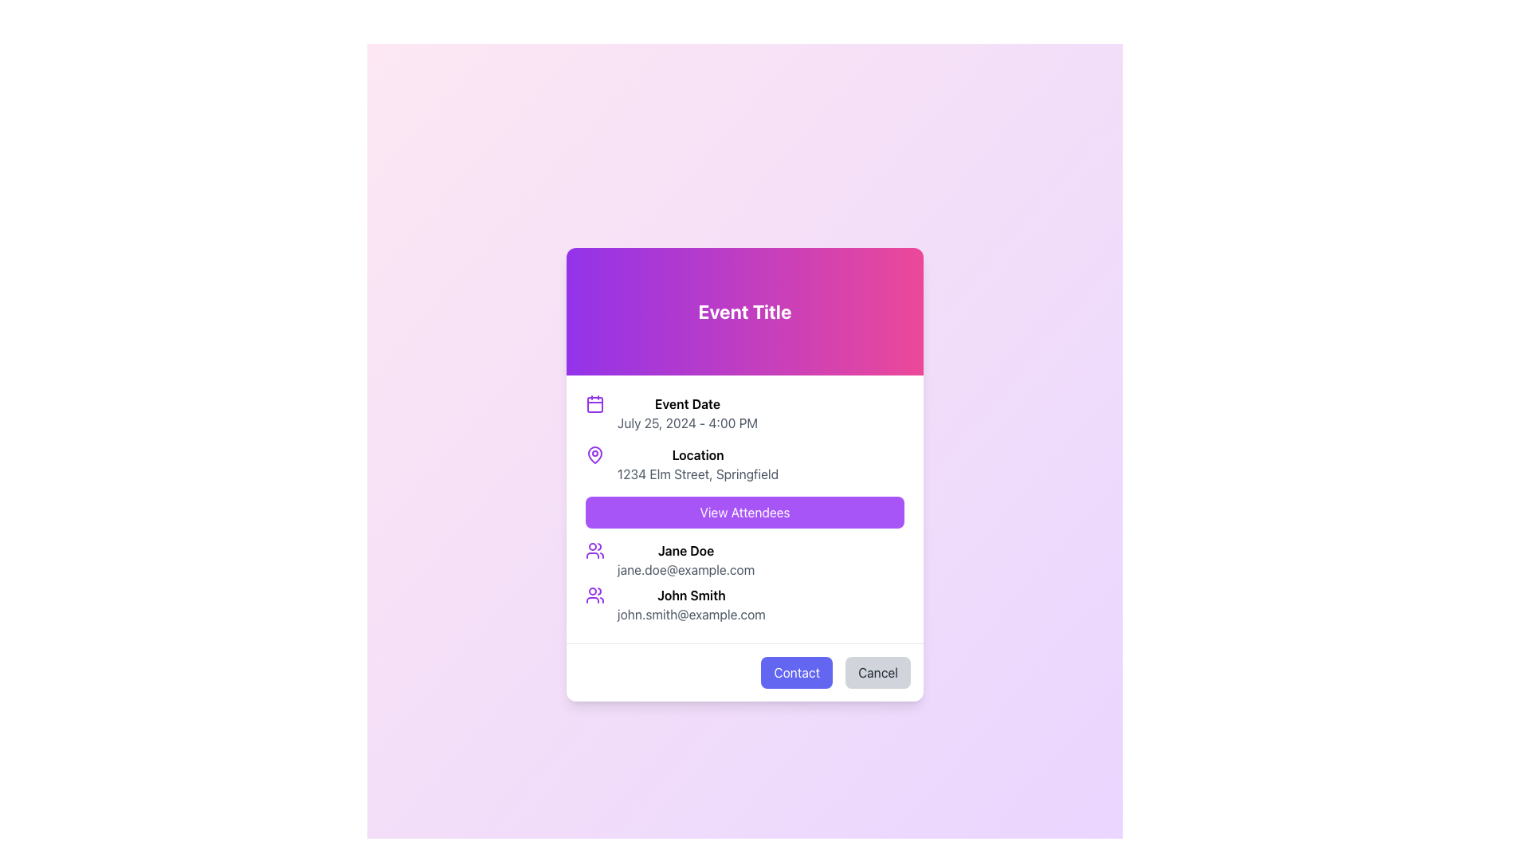 The height and width of the screenshot is (861, 1530). Describe the element at coordinates (688, 412) in the screenshot. I see `the Text block that displays the date and time of the event, located beneath the 'Event Title' header and adjacent to a calendar icon` at that location.